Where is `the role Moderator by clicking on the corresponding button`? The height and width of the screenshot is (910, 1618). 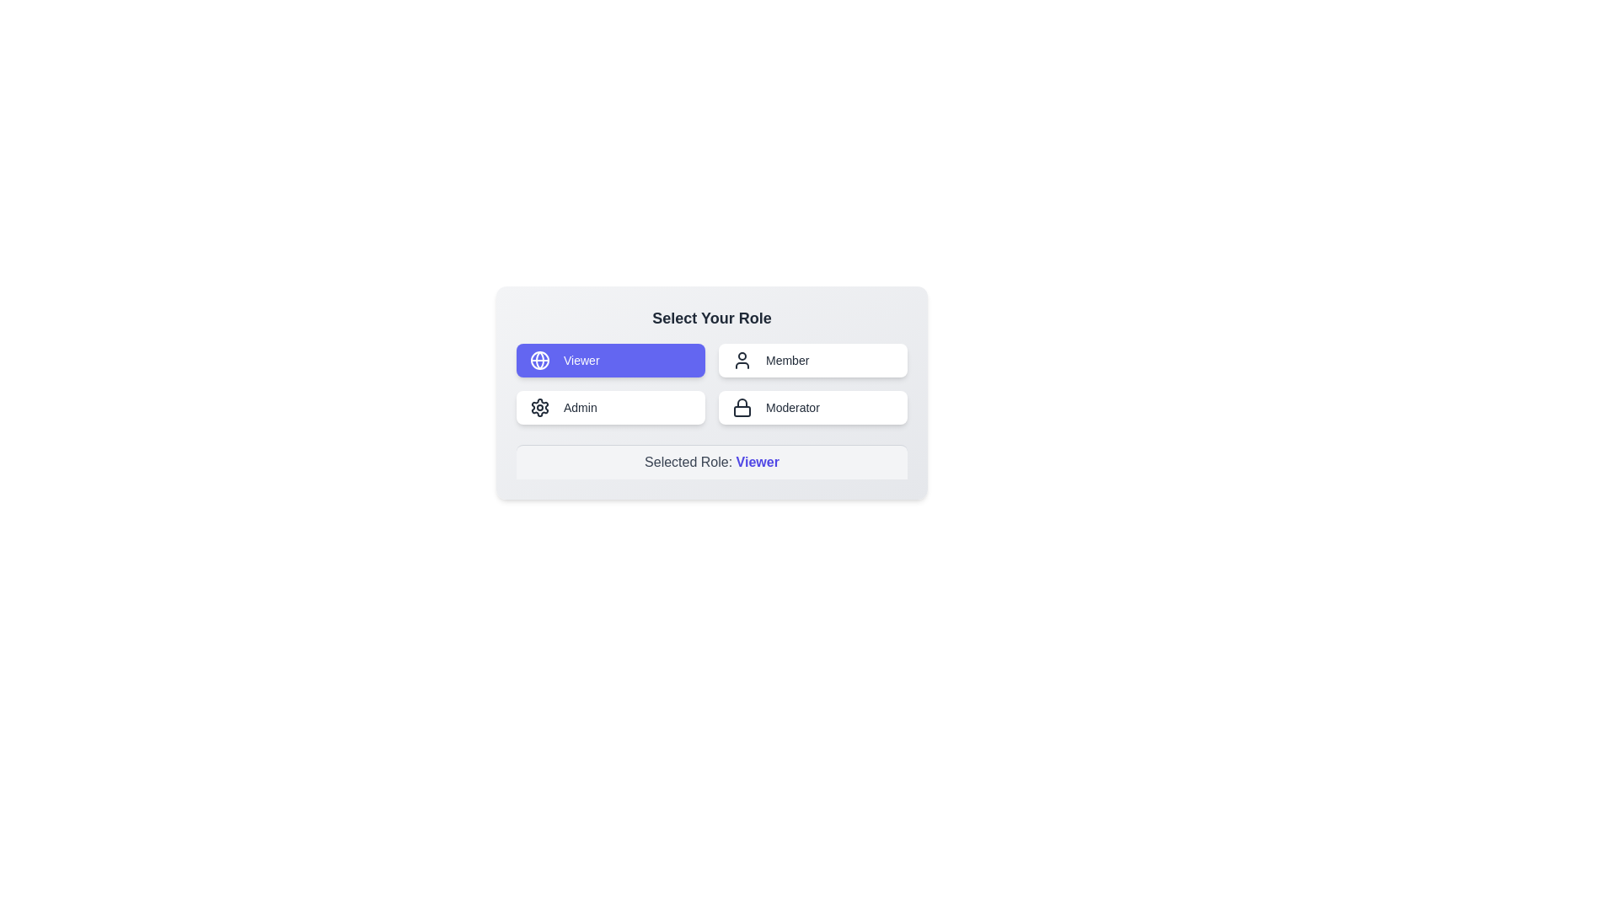 the role Moderator by clicking on the corresponding button is located at coordinates (812, 407).